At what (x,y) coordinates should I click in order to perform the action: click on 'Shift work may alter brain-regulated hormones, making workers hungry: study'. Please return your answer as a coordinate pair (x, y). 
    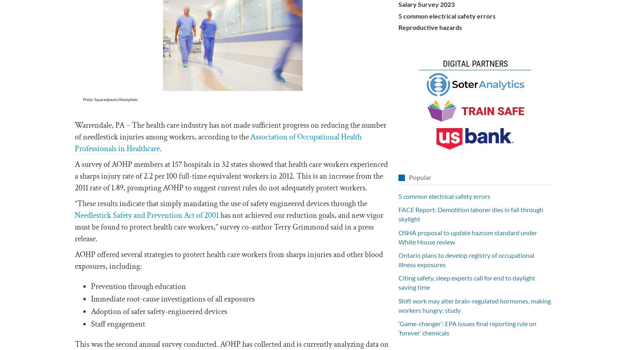
    Looking at the image, I should click on (474, 304).